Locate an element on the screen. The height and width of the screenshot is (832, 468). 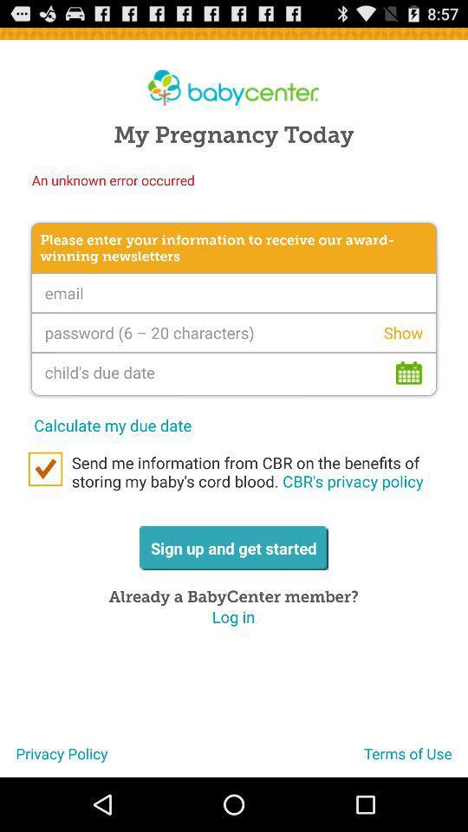
item above the privacy policy app is located at coordinates (45, 469).